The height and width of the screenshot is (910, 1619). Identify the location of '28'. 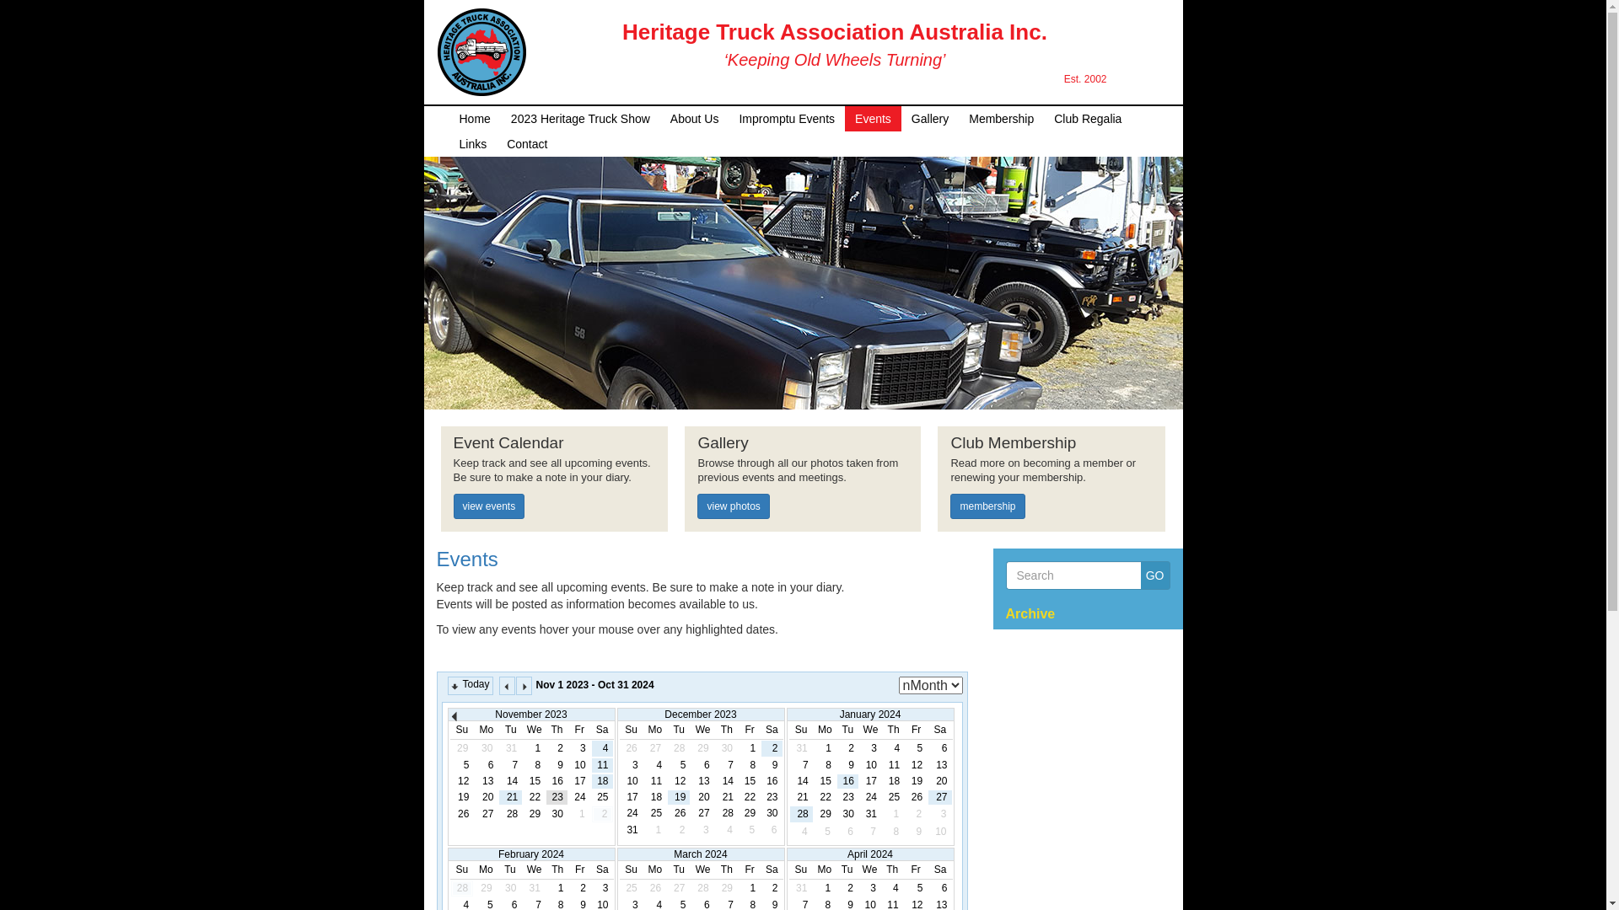
(800, 813).